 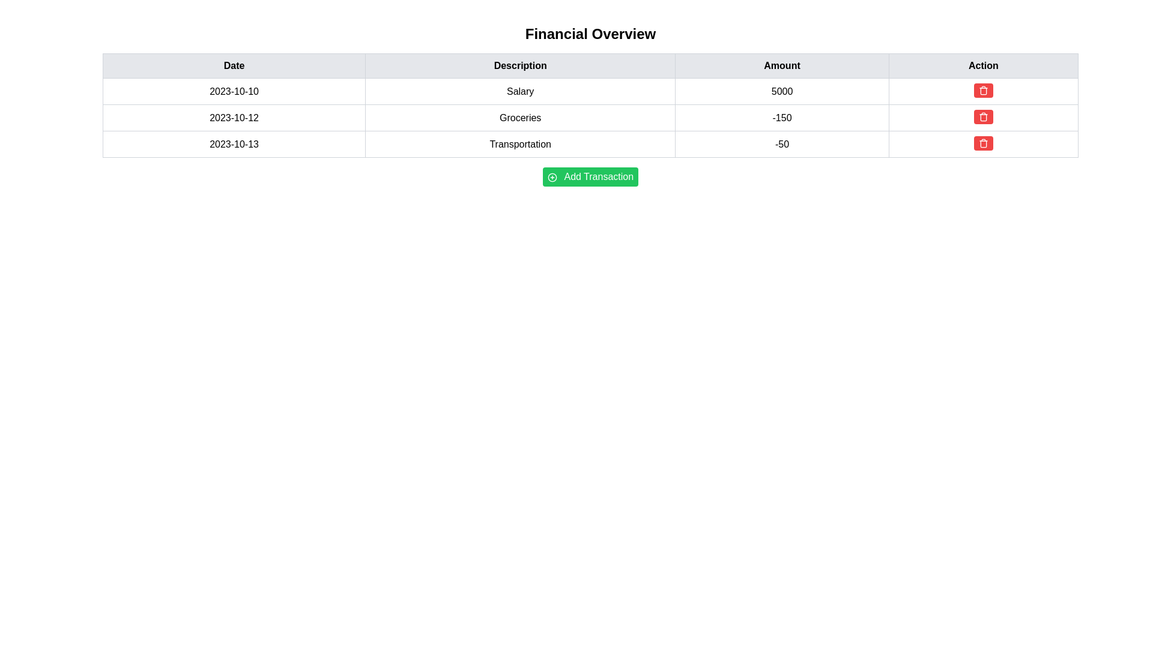 I want to click on the Text Display Field displaying 'Groceries', which is located in the second column of the second row in the transaction details table, so click(x=520, y=118).